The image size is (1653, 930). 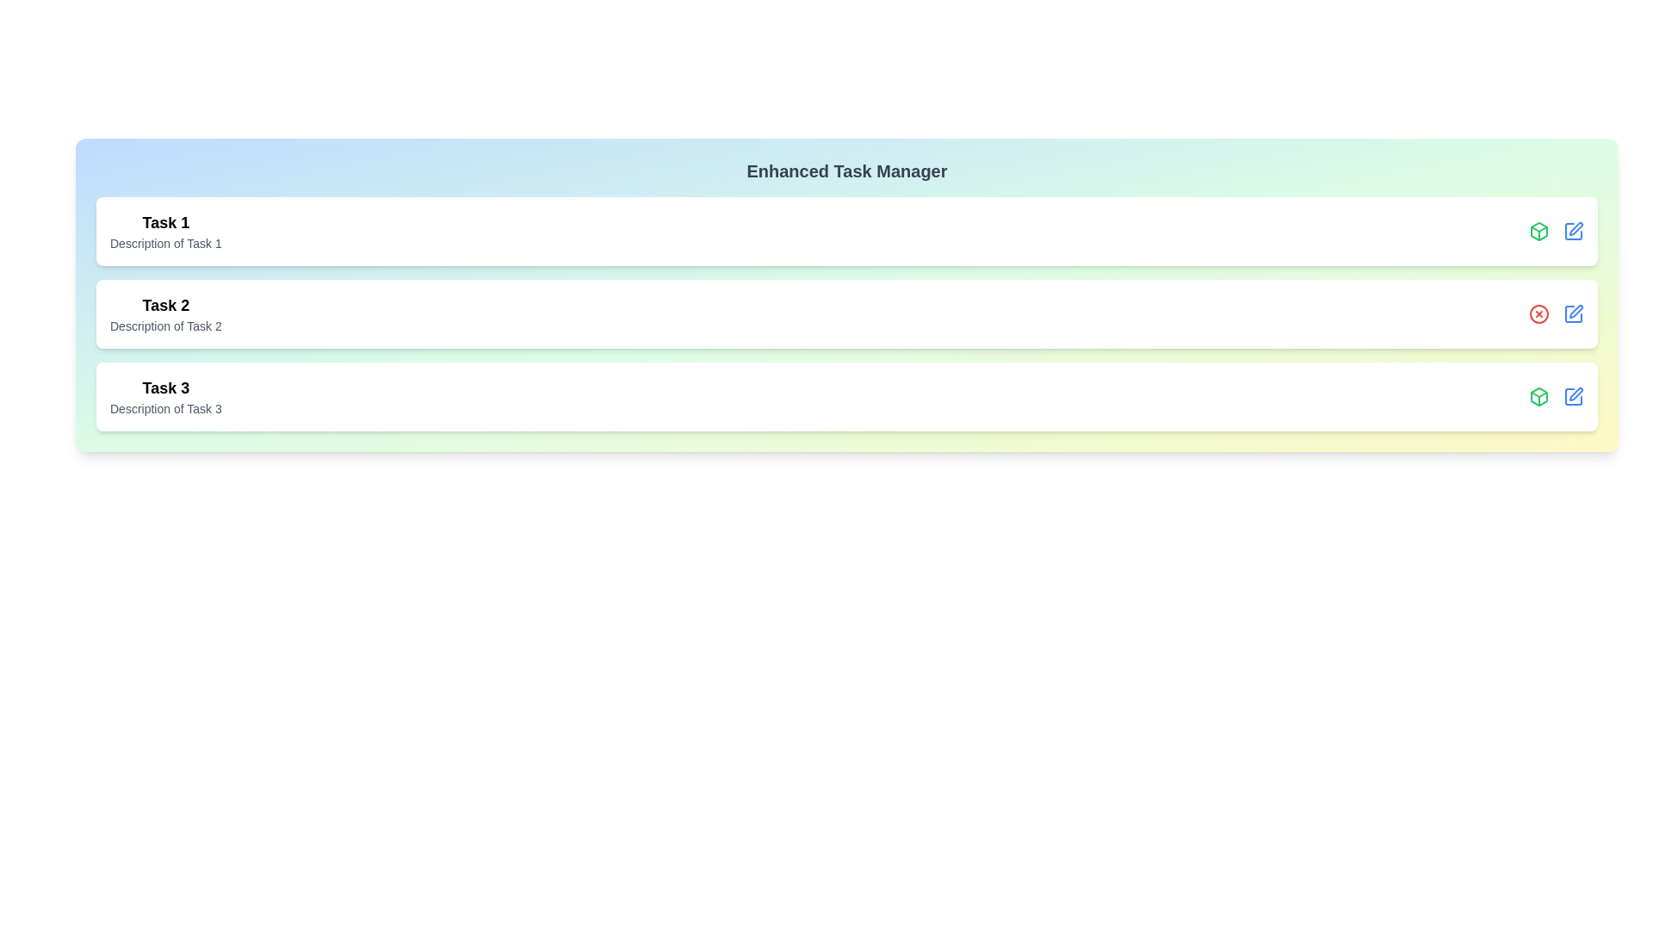 I want to click on the blue pencil icon for task Task 1, so click(x=1574, y=231).